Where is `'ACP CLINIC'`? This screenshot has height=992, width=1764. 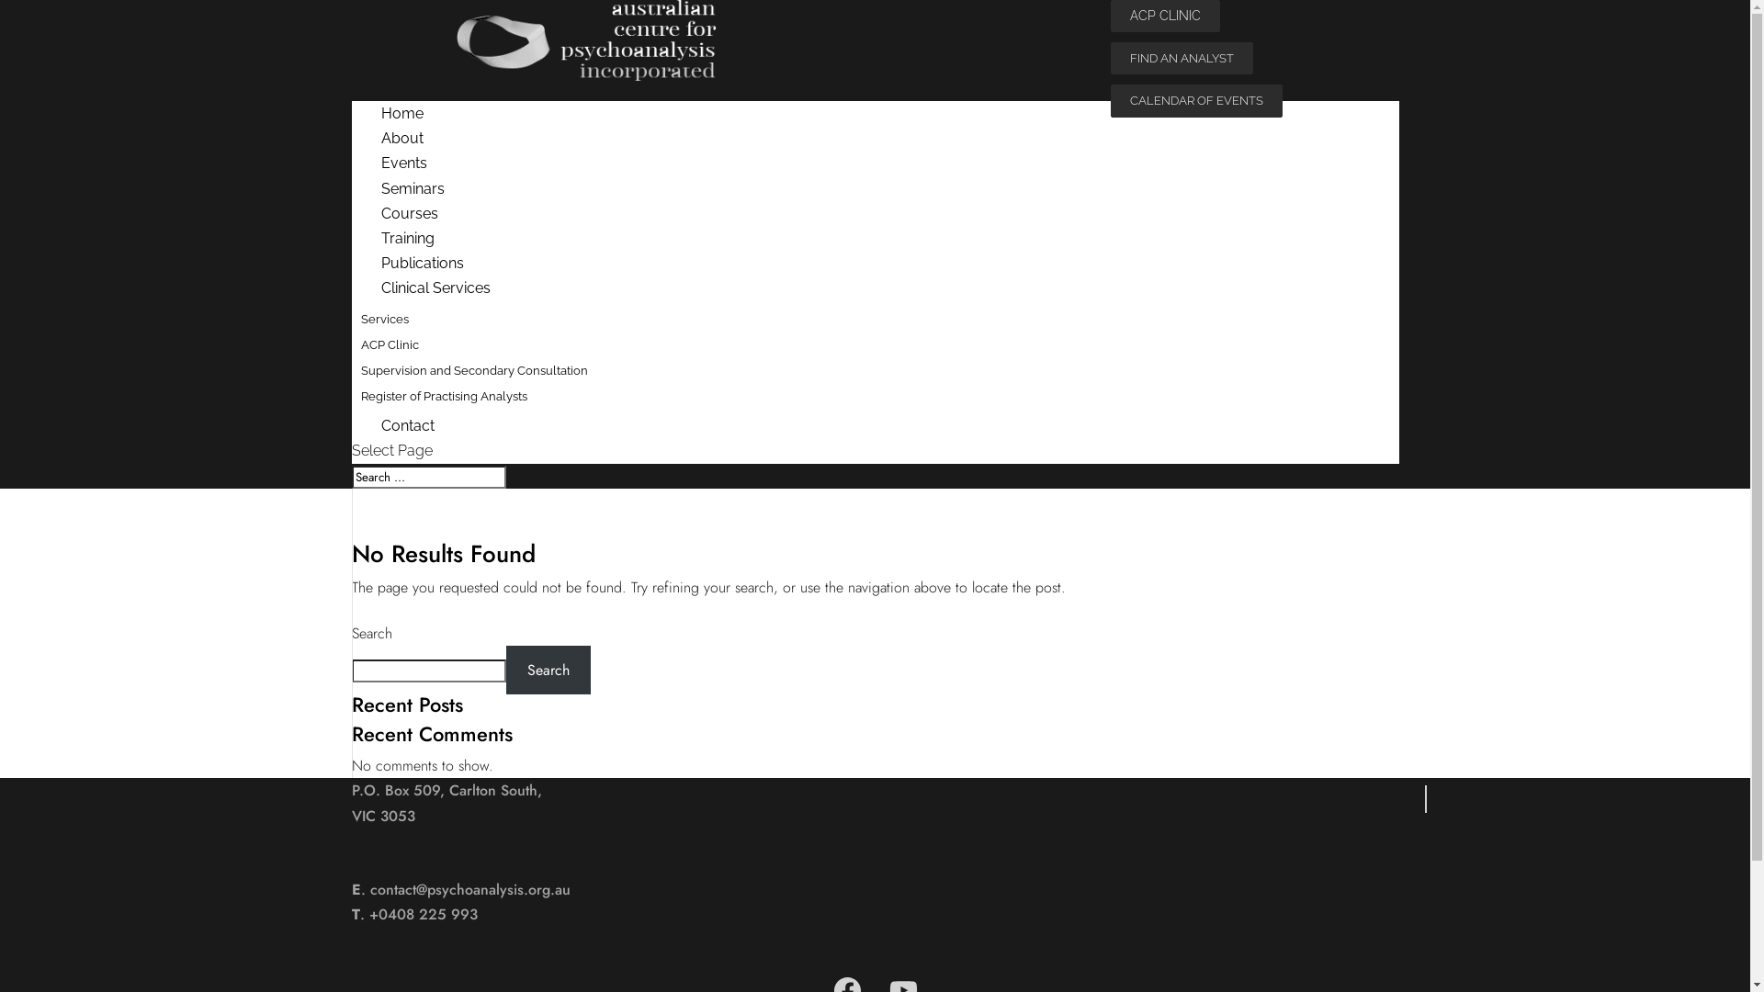
'ACP CLINIC' is located at coordinates (1163, 16).